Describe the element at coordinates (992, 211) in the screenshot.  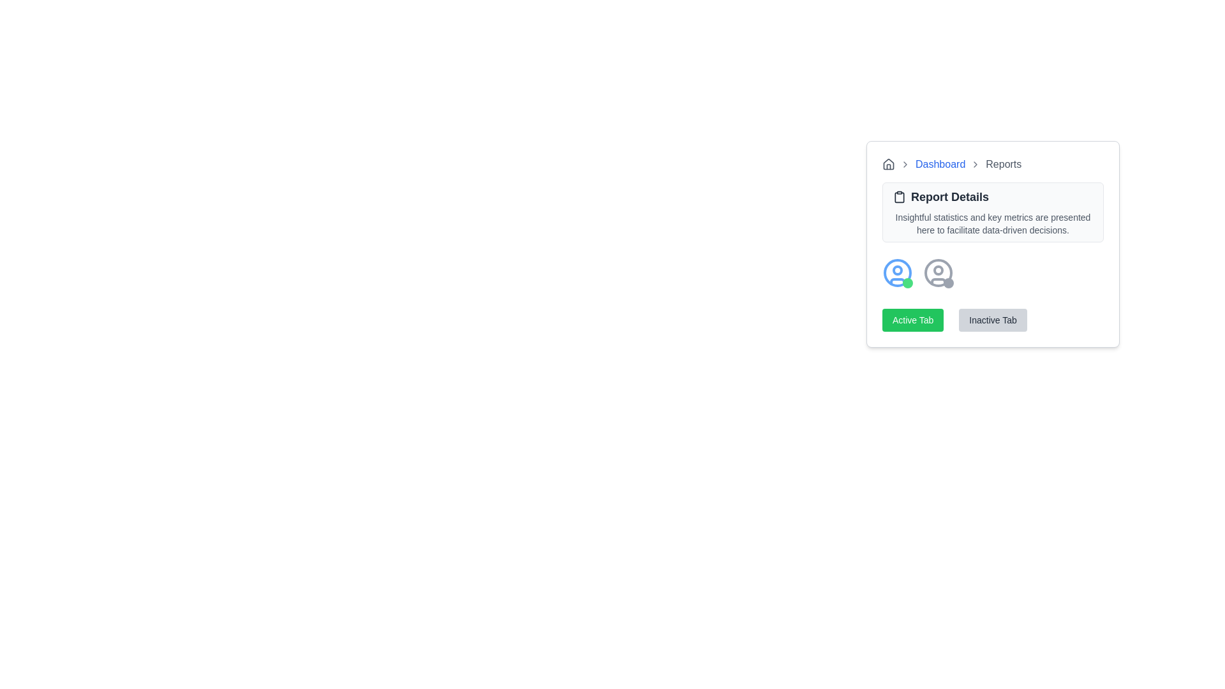
I see `the informational card located below the breadcrumb navigation ('Dashboard > Reports') and above the 'Active Tab' and 'Inactive Tab' buttons in the centered dashboard section` at that location.